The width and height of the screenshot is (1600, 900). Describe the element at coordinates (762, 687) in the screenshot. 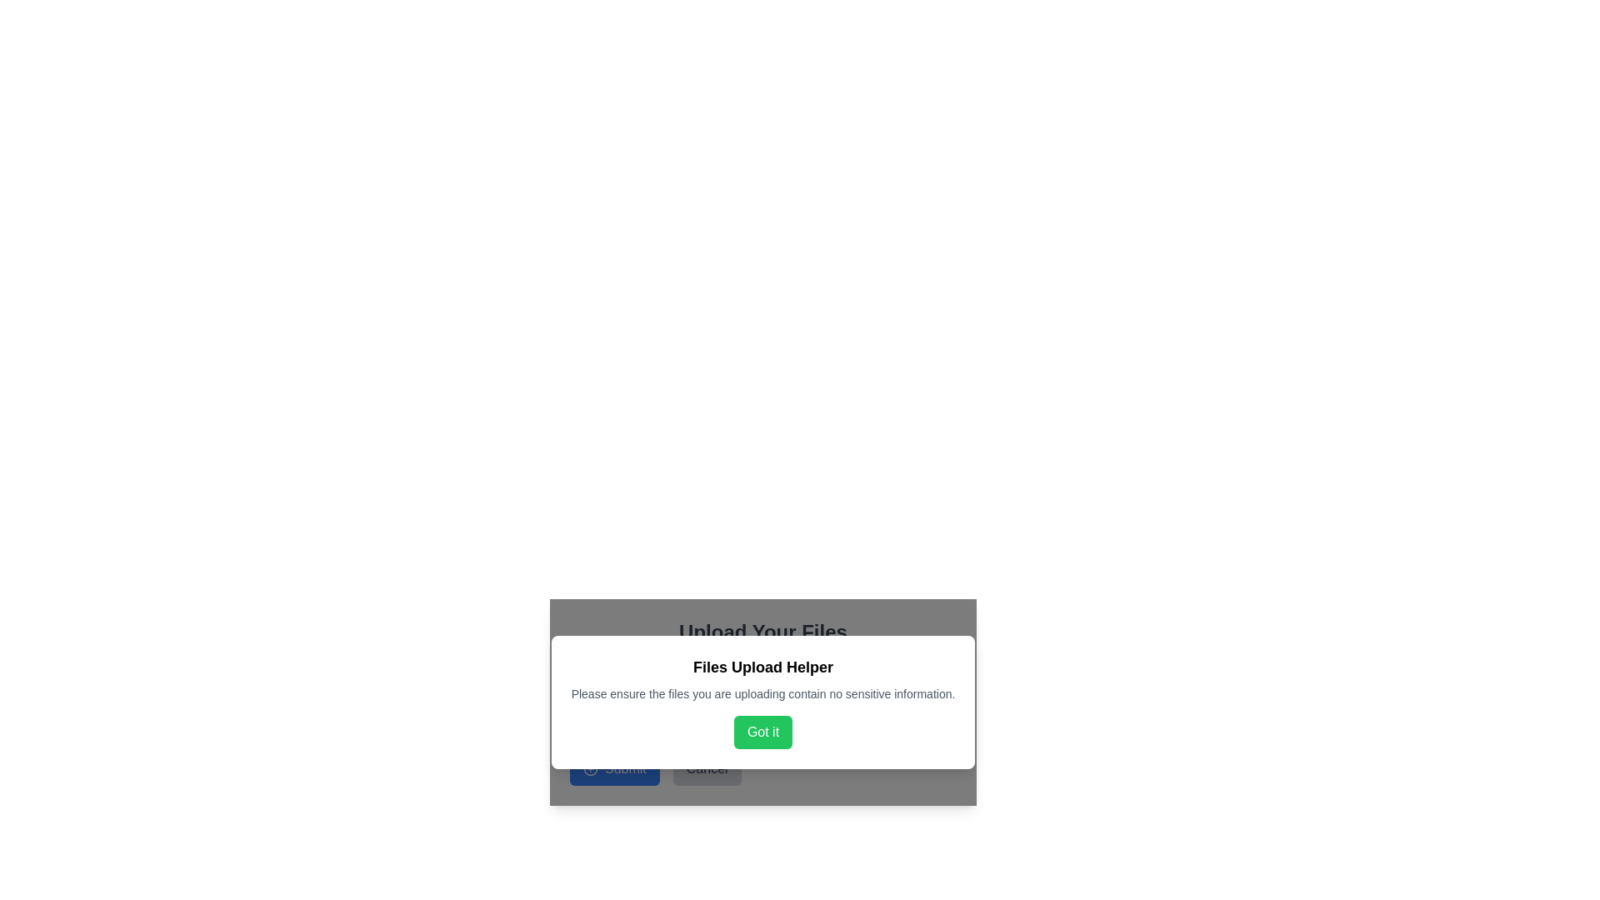

I see `the compact gray SVG upload icon located at the center of the file-drop area, which features dashed borders and is positioned above the instructional text` at that location.